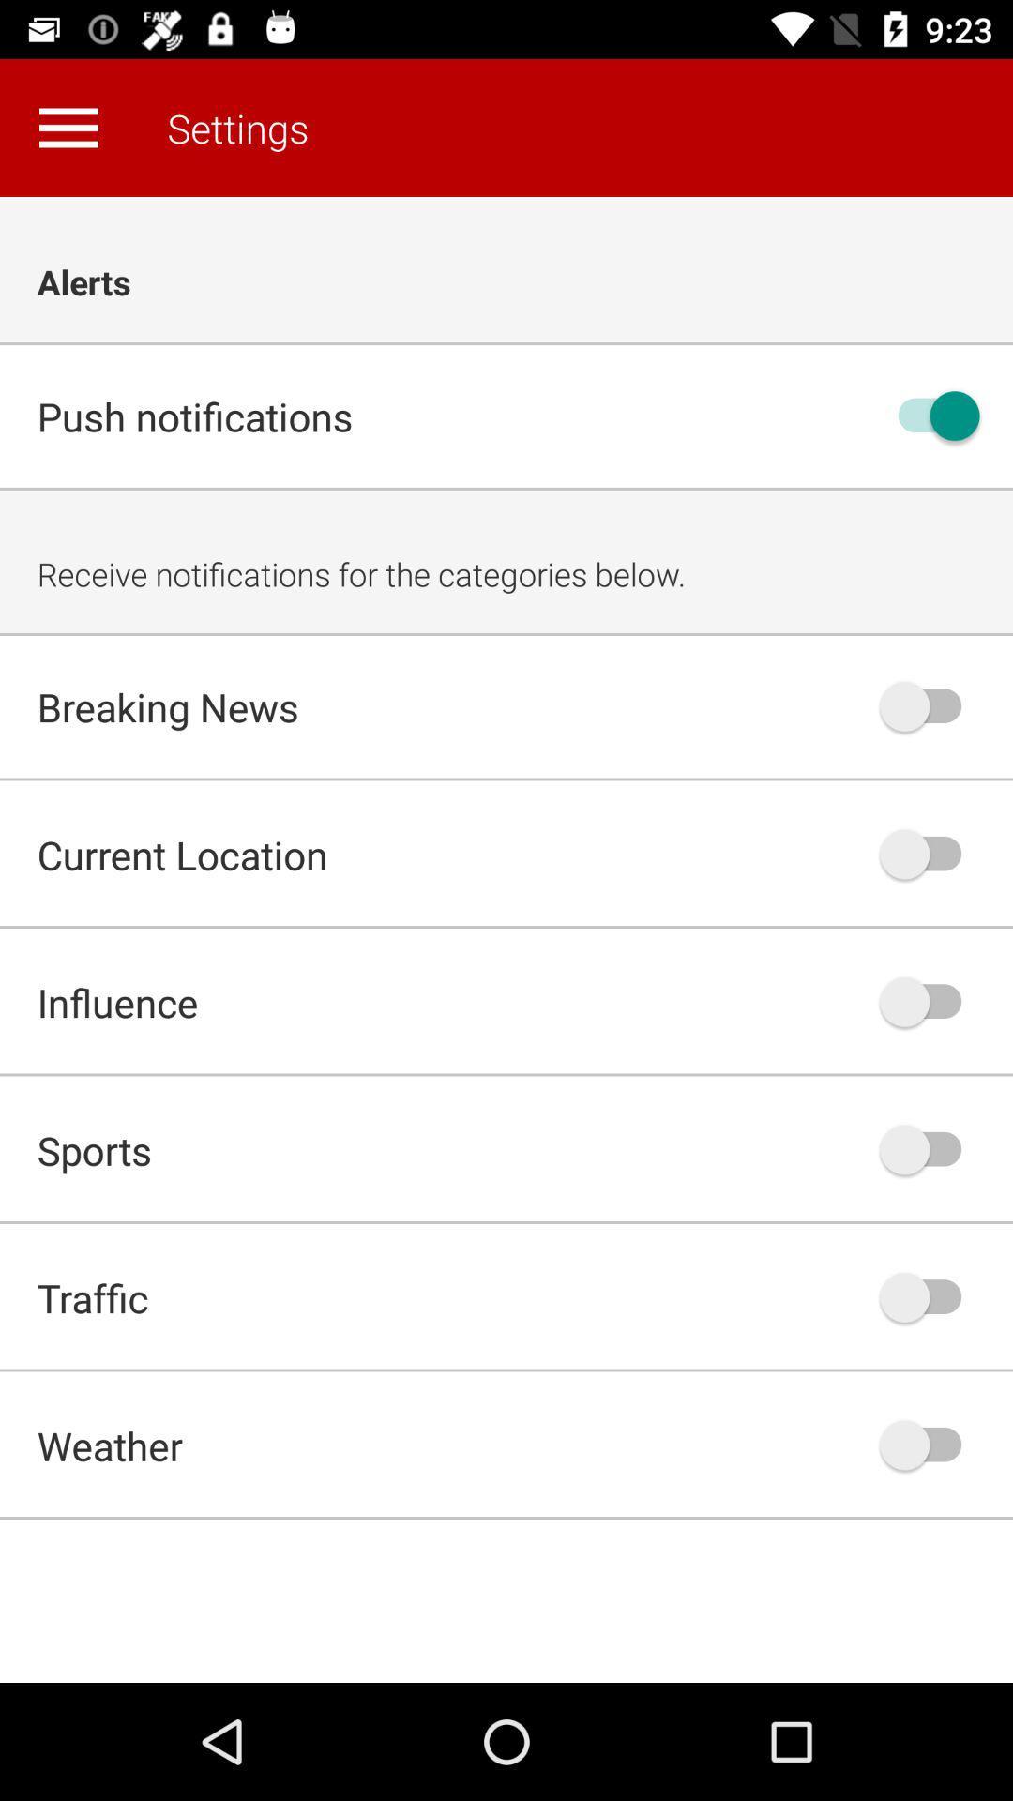 The height and width of the screenshot is (1801, 1013). I want to click on activate, so click(930, 705).